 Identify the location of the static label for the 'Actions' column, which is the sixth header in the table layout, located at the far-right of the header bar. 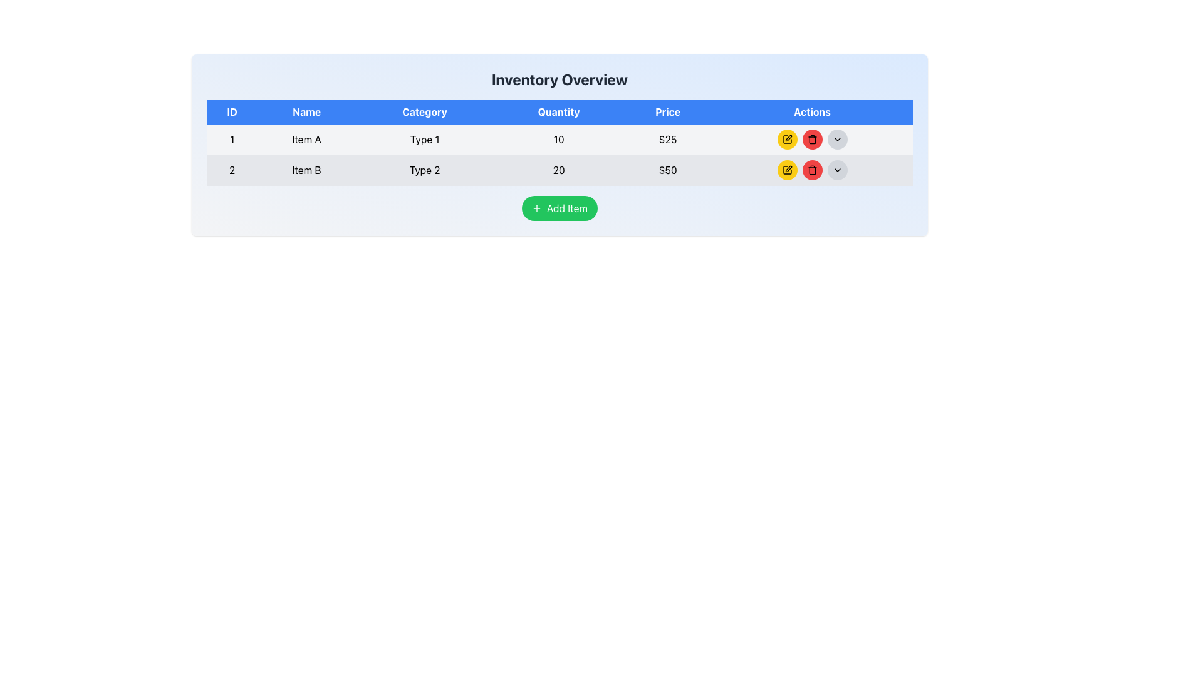
(812, 111).